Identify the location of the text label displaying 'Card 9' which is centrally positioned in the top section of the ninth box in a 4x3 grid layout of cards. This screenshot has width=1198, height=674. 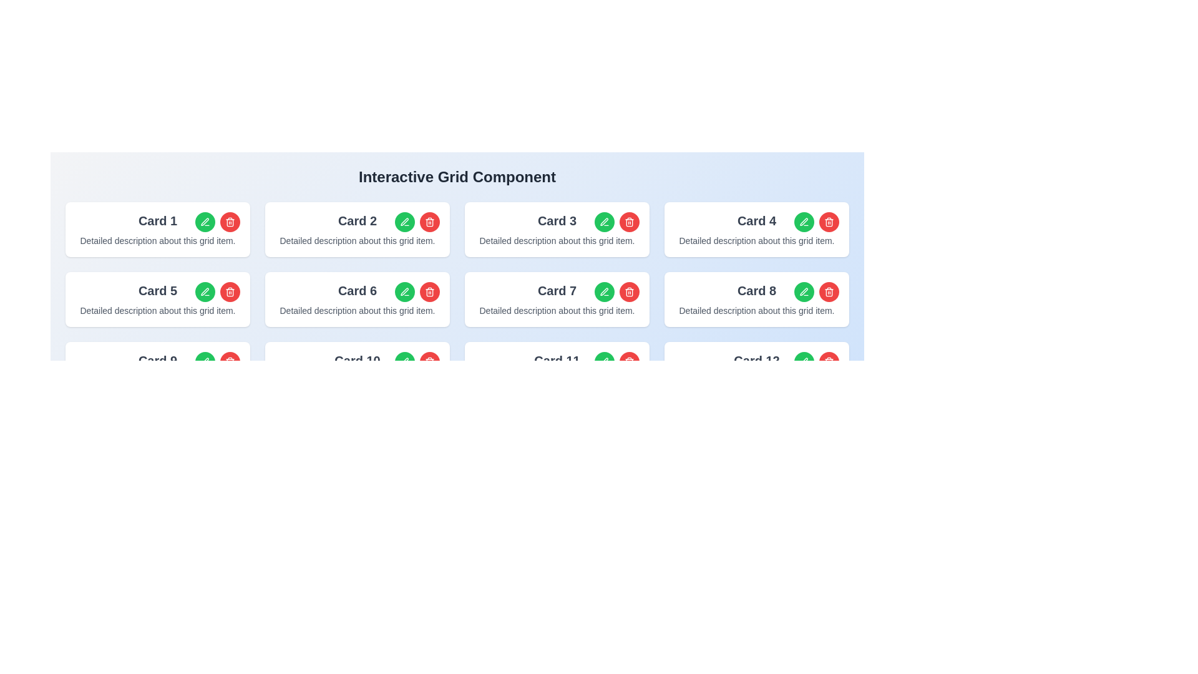
(157, 361).